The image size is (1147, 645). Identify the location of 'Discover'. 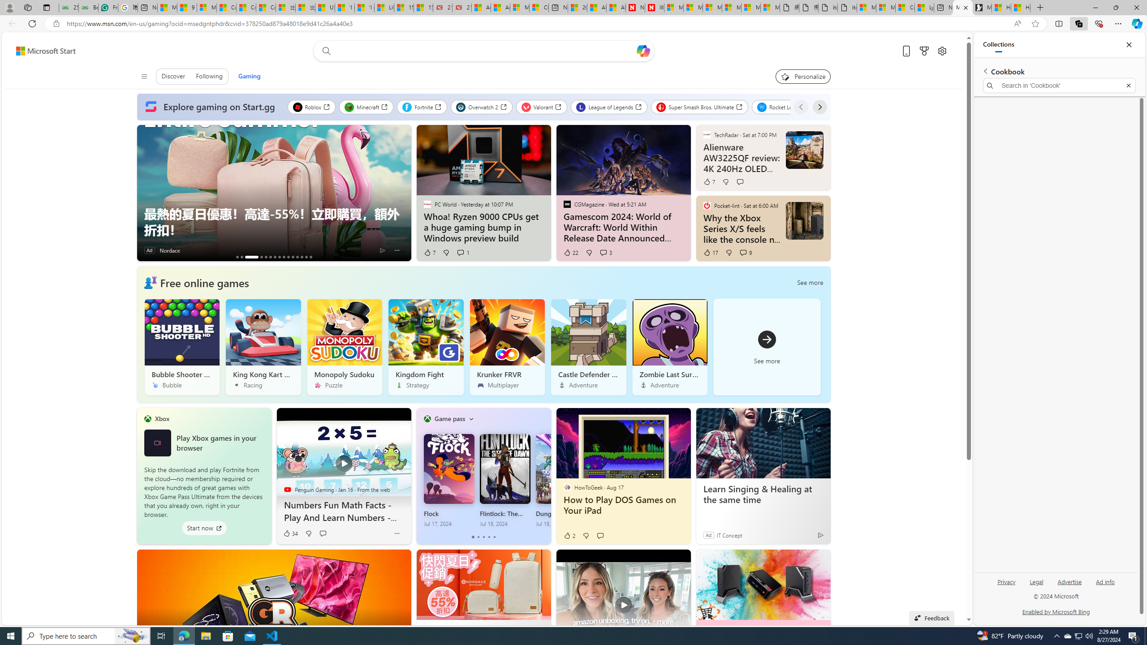
(173, 77).